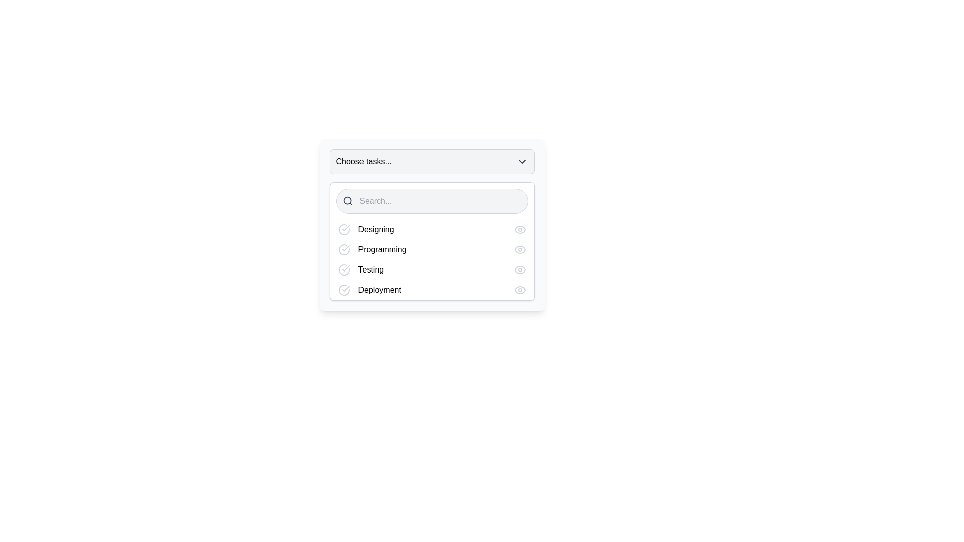  I want to click on the checkmark icon within the circular context that is adjacent to the 'Testing' list item in the dropdown menu, so click(346, 268).